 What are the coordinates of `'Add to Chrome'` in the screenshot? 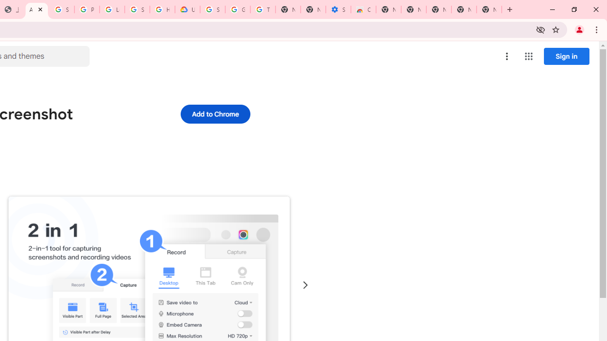 It's located at (214, 113).